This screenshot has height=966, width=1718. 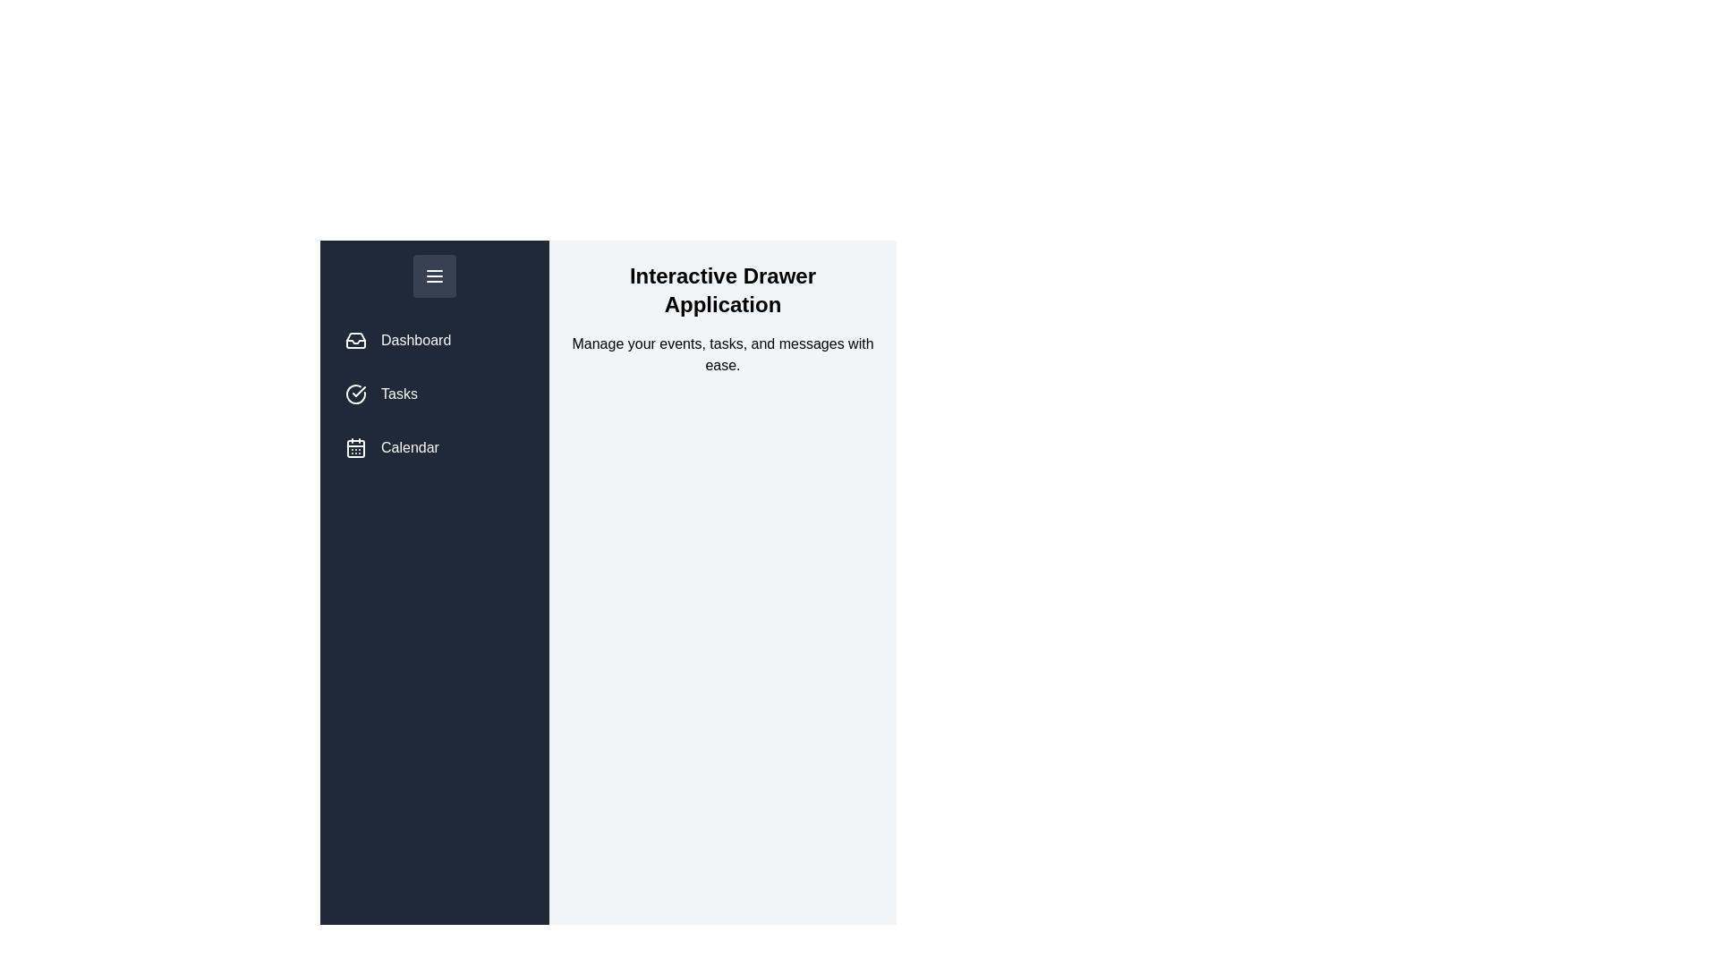 What do you see at coordinates (434, 447) in the screenshot?
I see `the navigation item for 'Calendar' located in the third position of the vertical sidebar` at bounding box center [434, 447].